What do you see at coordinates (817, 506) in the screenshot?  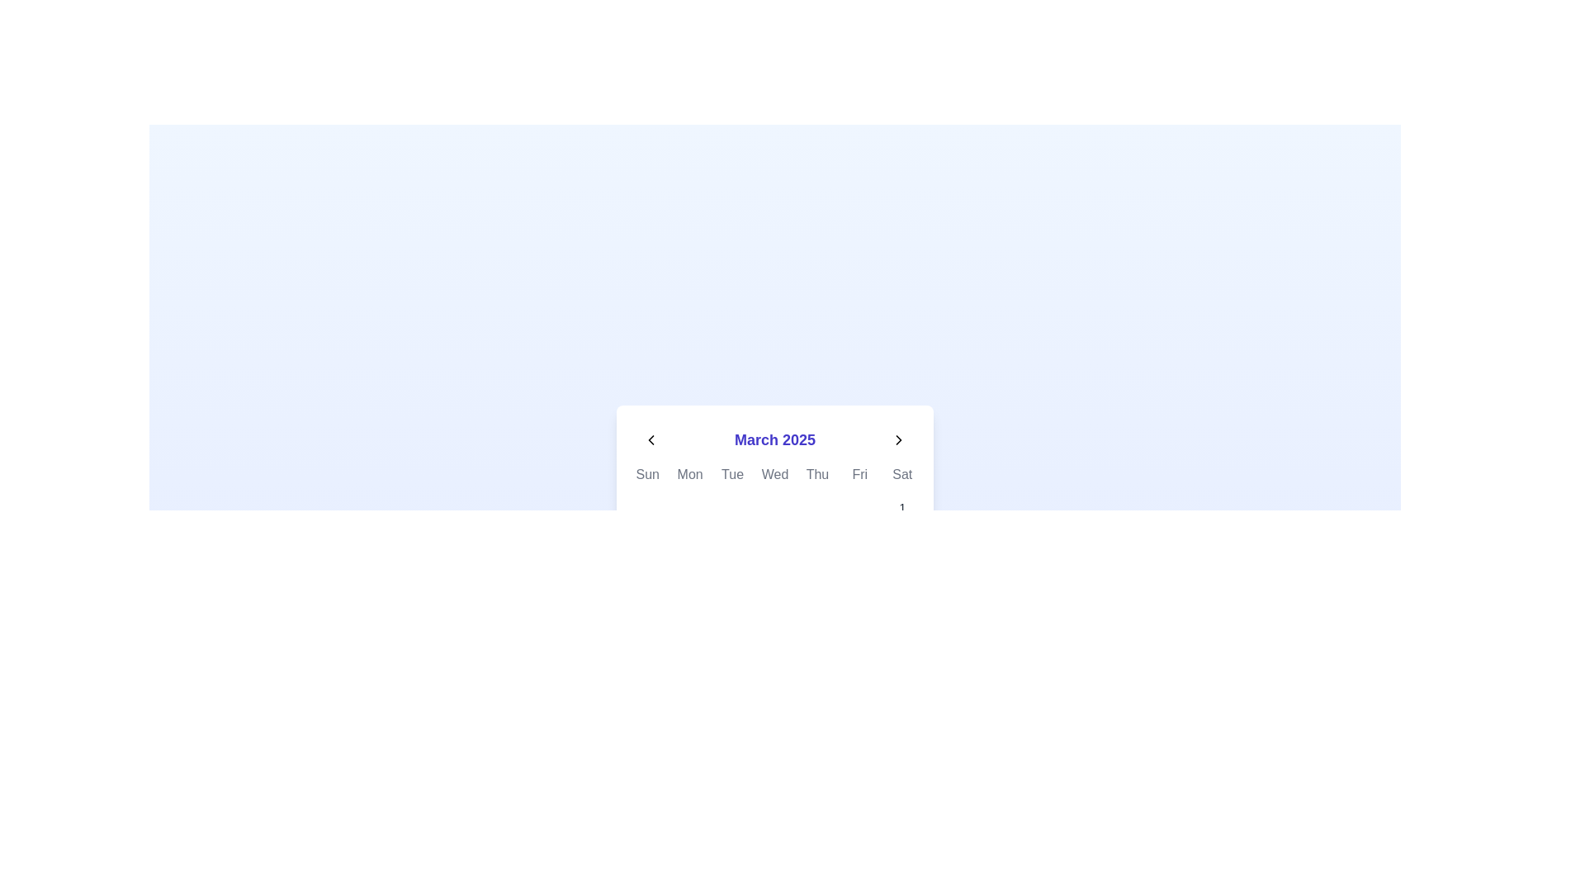 I see `the calendar cell button representing 'Thursday'` at bounding box center [817, 506].